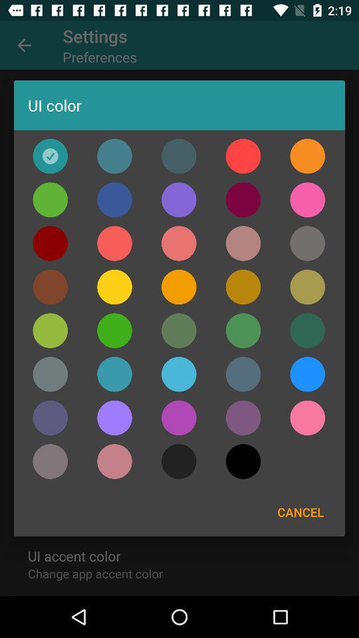  I want to click on icon below the ui color icon, so click(179, 156).